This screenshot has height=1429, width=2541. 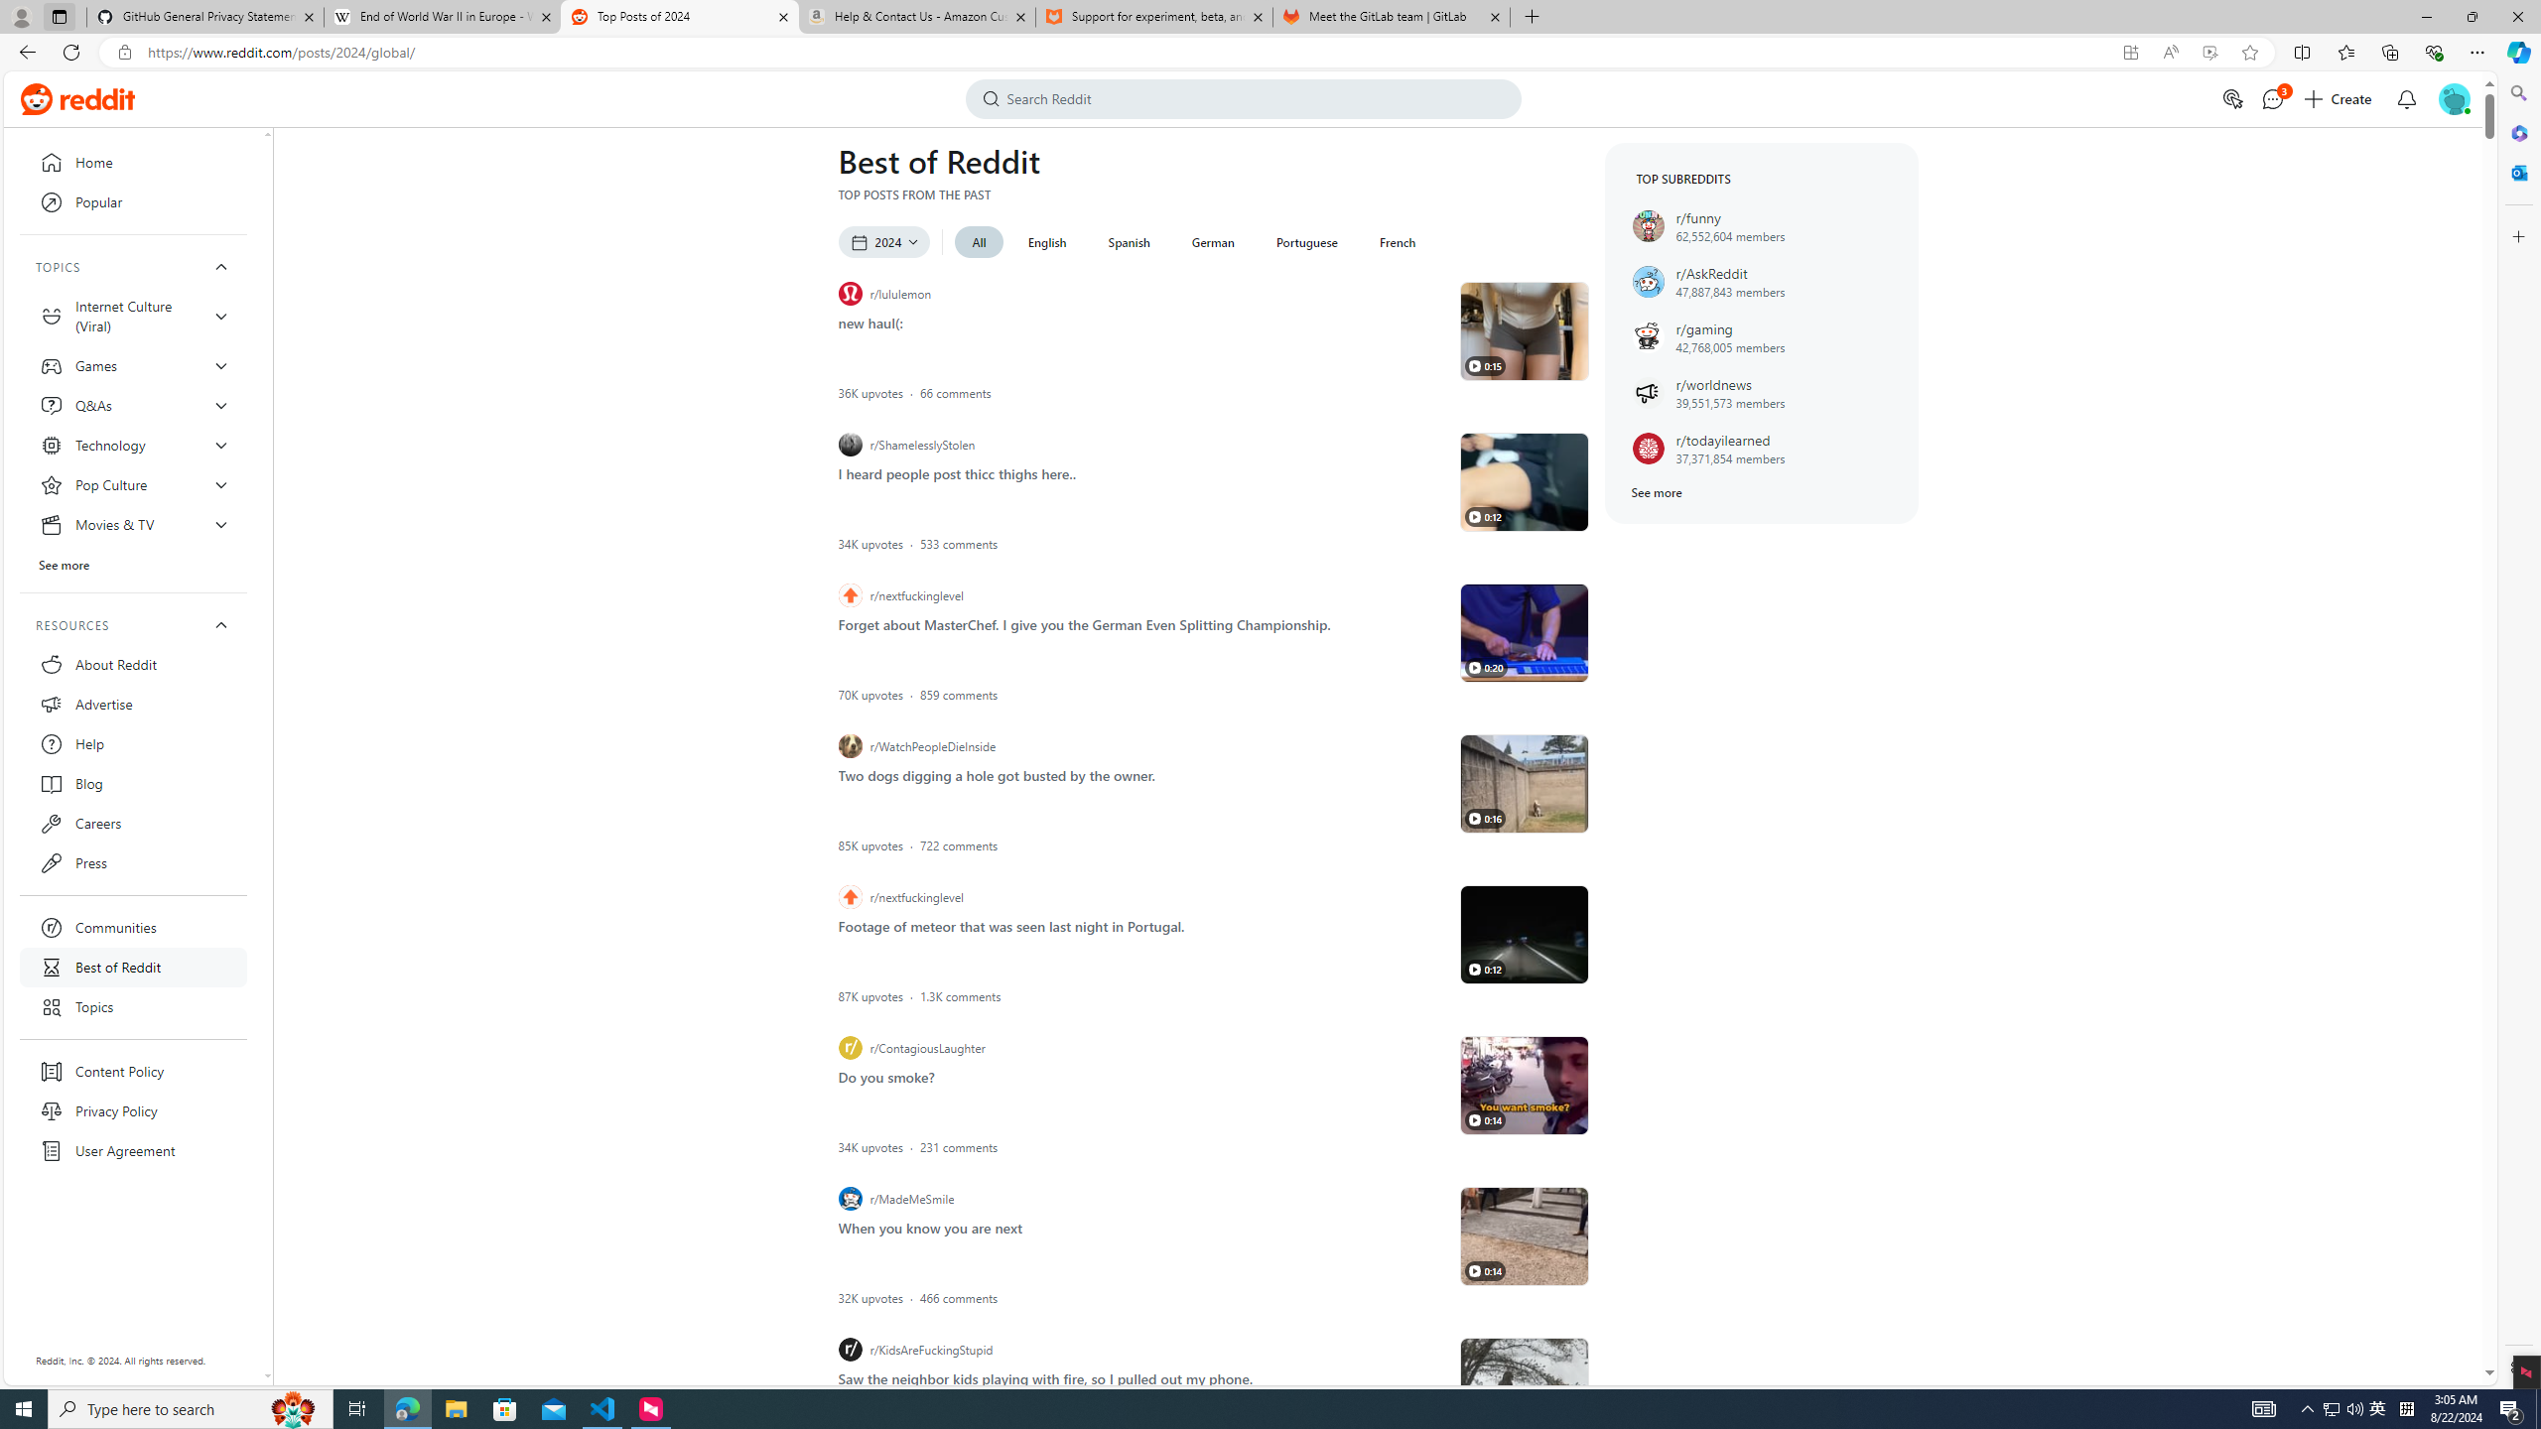 What do you see at coordinates (1761, 225) in the screenshot?
I see `'r/funny 62,552,604 members'` at bounding box center [1761, 225].